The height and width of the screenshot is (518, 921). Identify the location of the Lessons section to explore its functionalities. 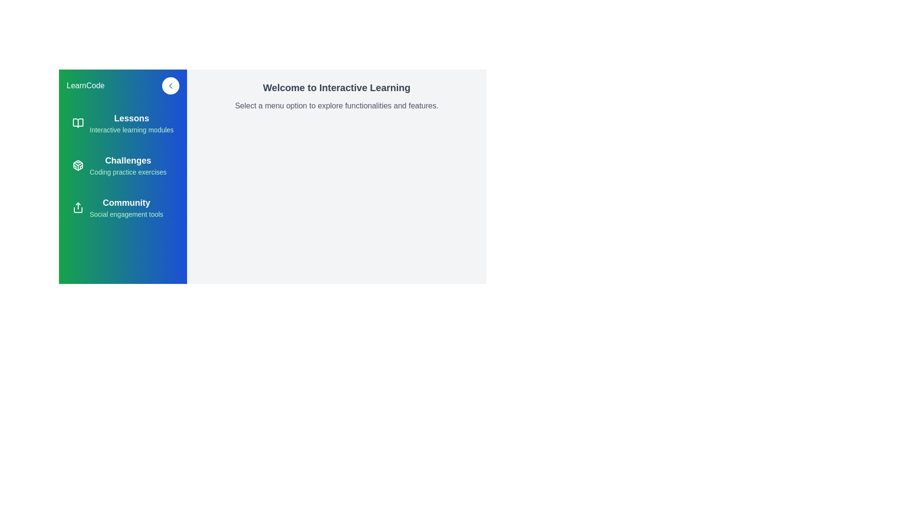
(122, 123).